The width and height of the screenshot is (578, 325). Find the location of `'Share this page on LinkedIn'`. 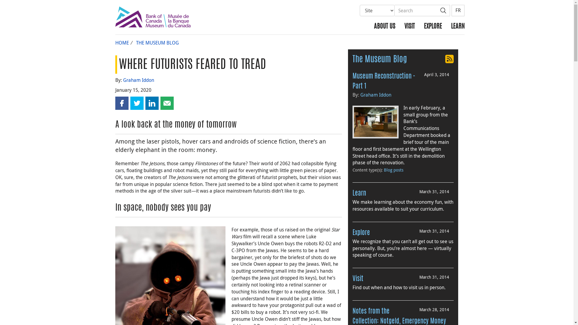

'Share this page on LinkedIn' is located at coordinates (152, 103).